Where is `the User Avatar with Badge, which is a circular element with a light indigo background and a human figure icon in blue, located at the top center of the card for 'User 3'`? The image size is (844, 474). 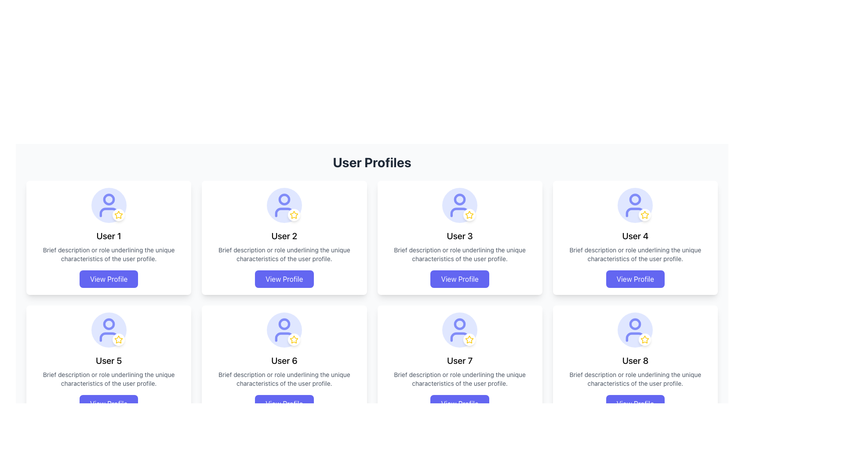
the User Avatar with Badge, which is a circular element with a light indigo background and a human figure icon in blue, located at the top center of the card for 'User 3' is located at coordinates (459, 205).